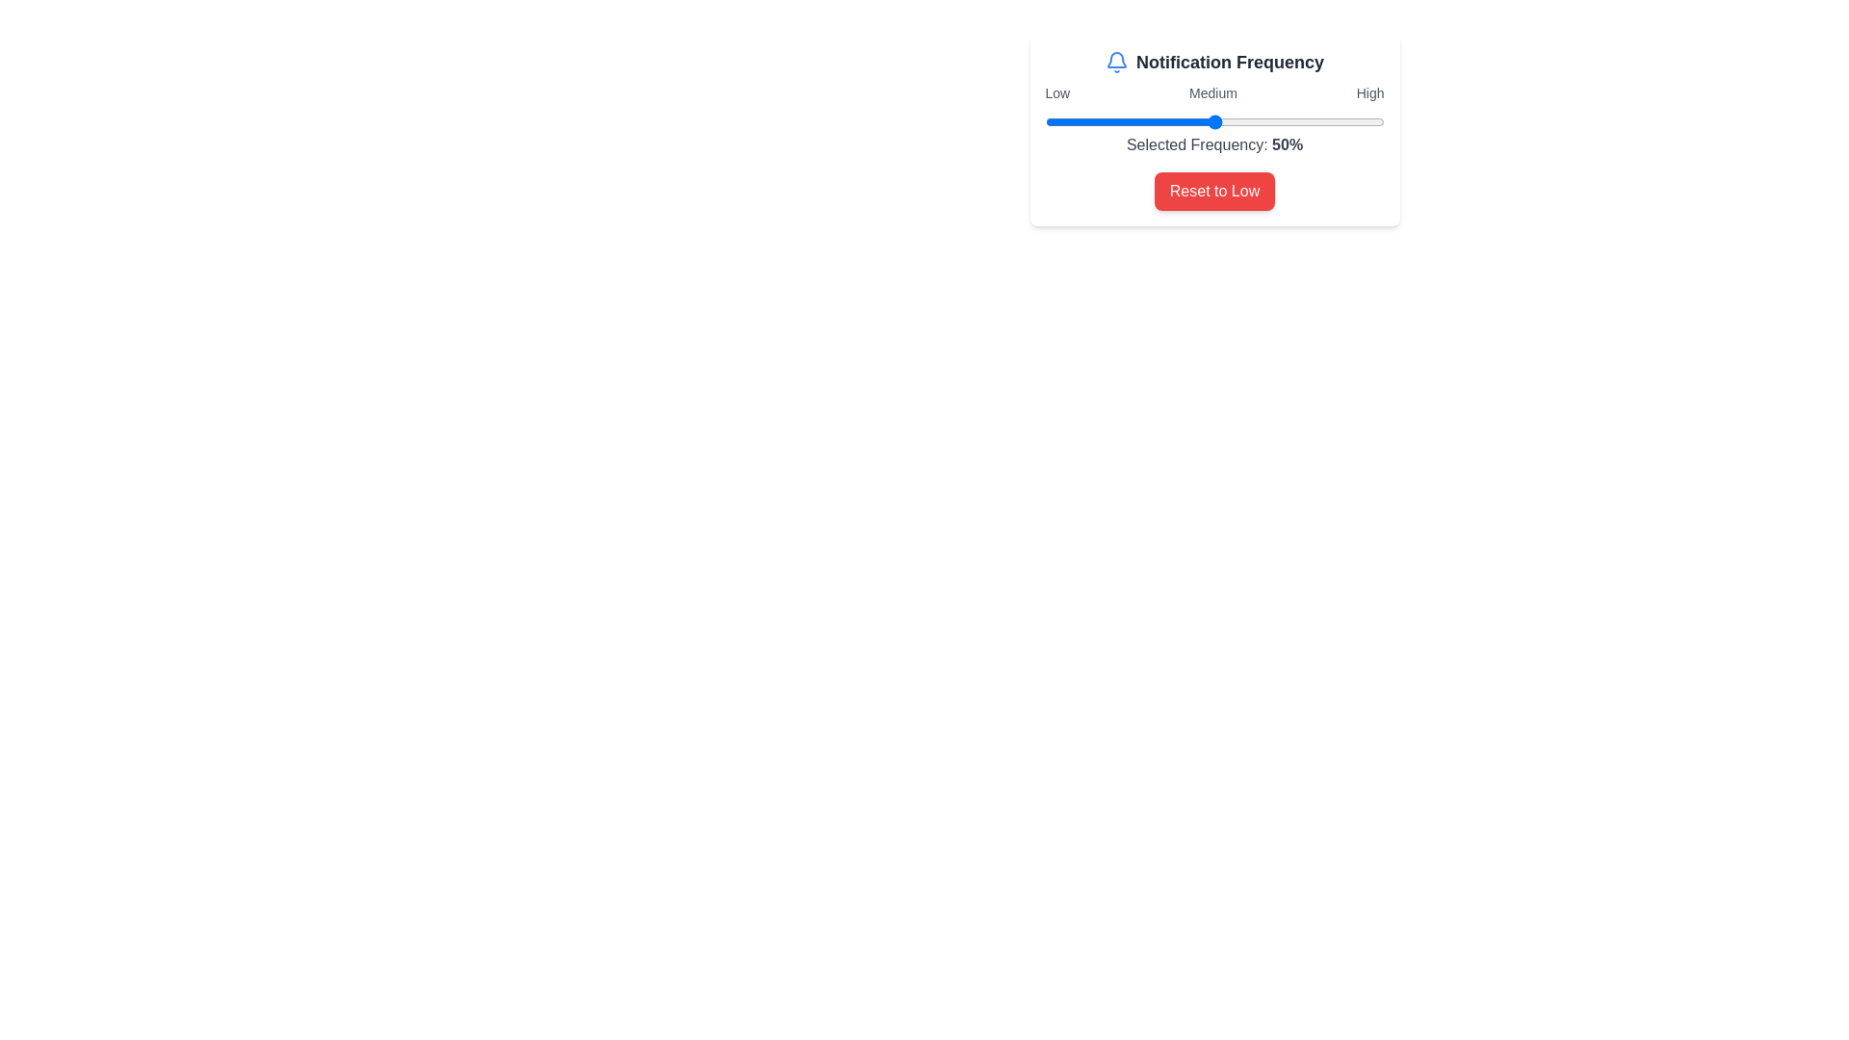  I want to click on the 'Reset to Low' button to set the frequency to low, so click(1213, 192).